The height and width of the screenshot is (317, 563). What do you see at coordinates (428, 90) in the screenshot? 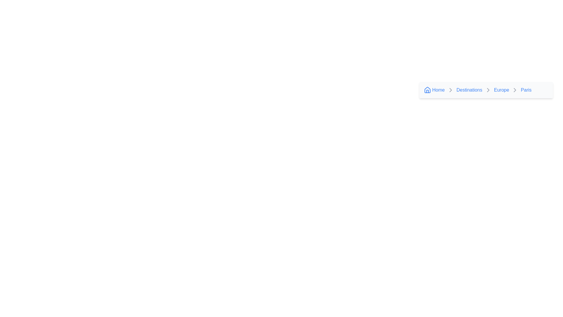
I see `the house-shaped SVG icon in the breadcrumb navigation` at bounding box center [428, 90].